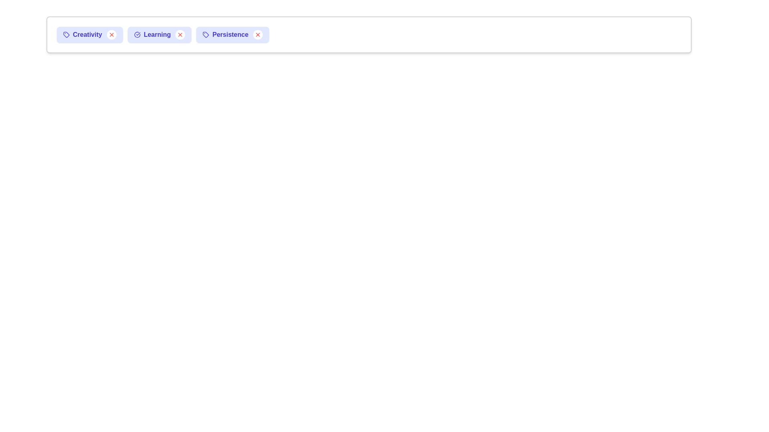  What do you see at coordinates (90, 34) in the screenshot?
I see `the chip labeled Creativity to observe visual changes` at bounding box center [90, 34].